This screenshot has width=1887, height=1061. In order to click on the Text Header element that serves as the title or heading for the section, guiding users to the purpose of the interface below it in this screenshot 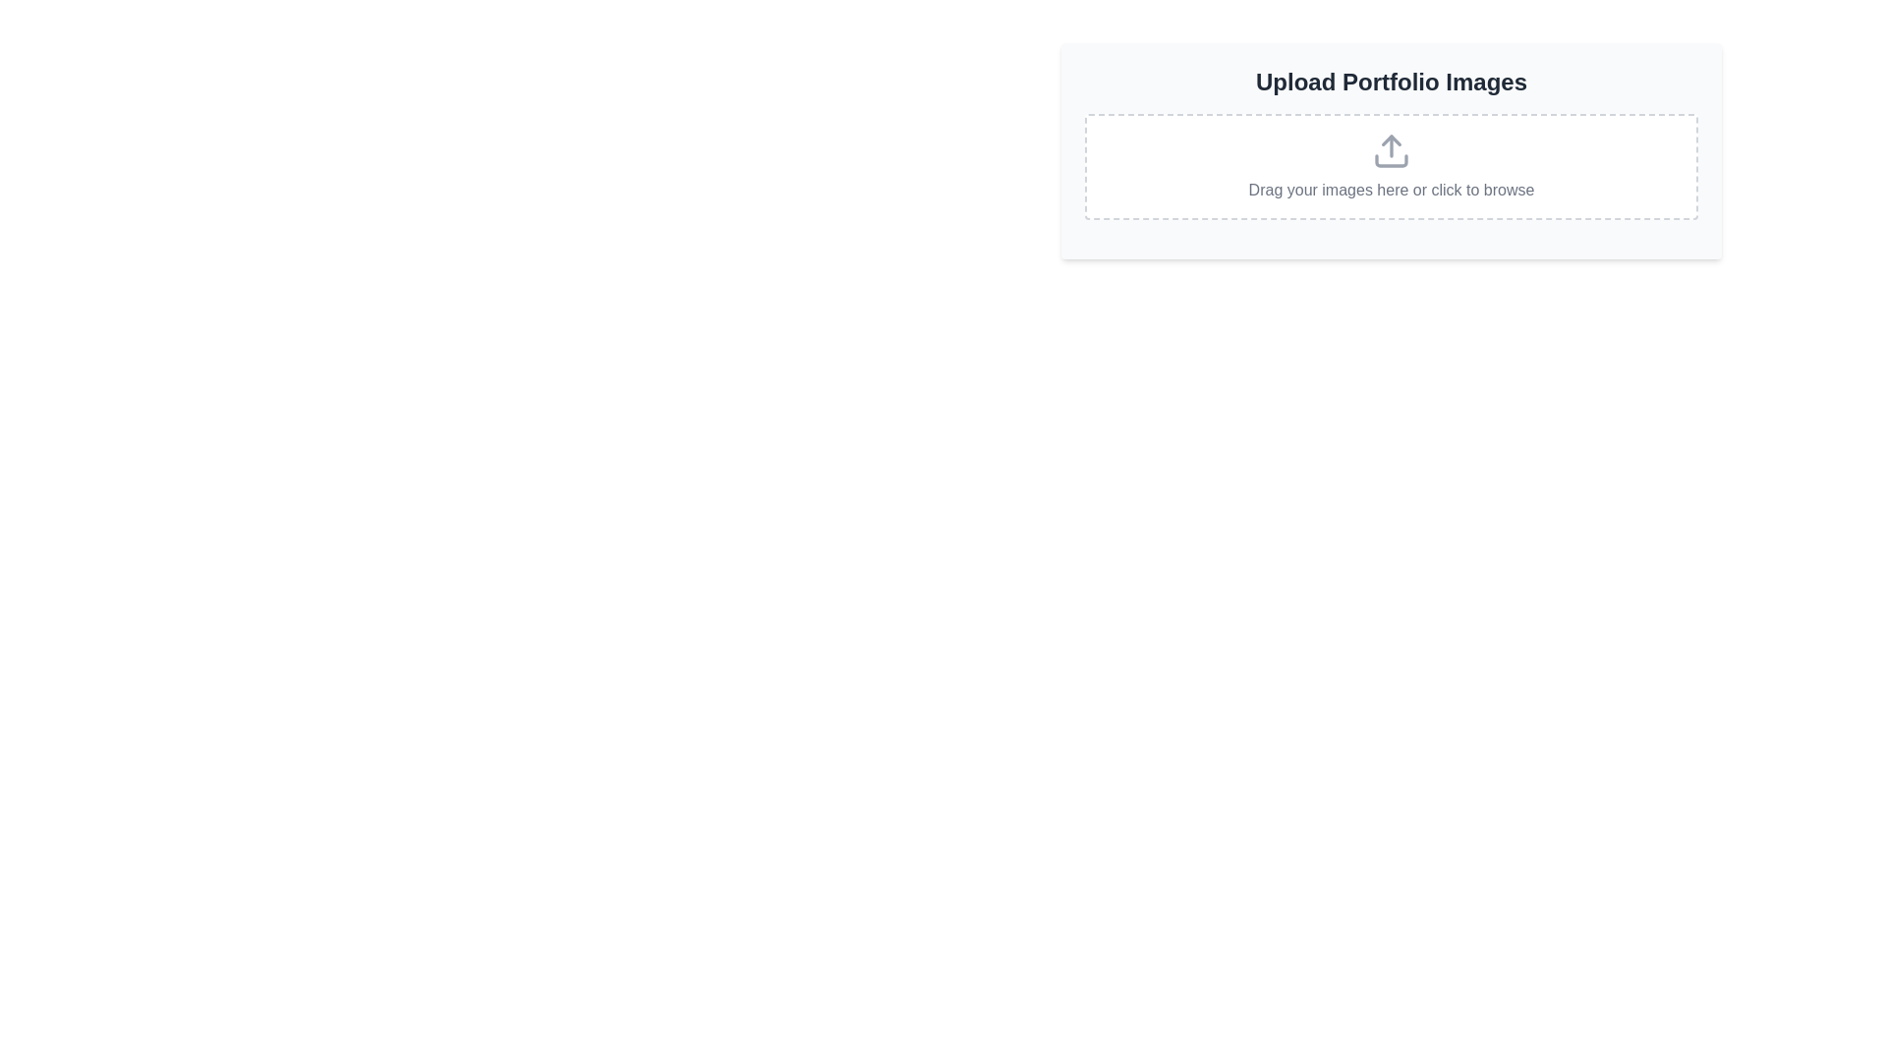, I will do `click(1391, 82)`.